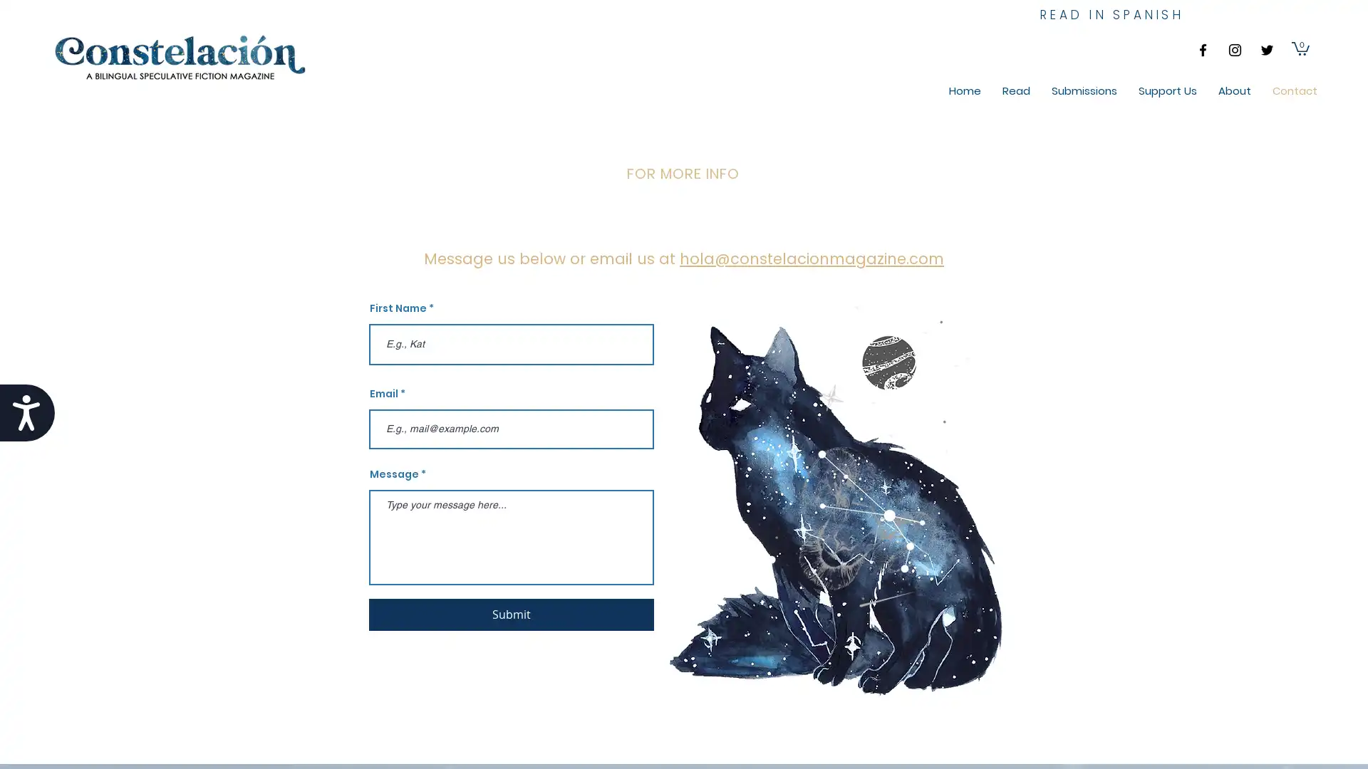 The image size is (1368, 769). I want to click on Accept, so click(1304, 743).